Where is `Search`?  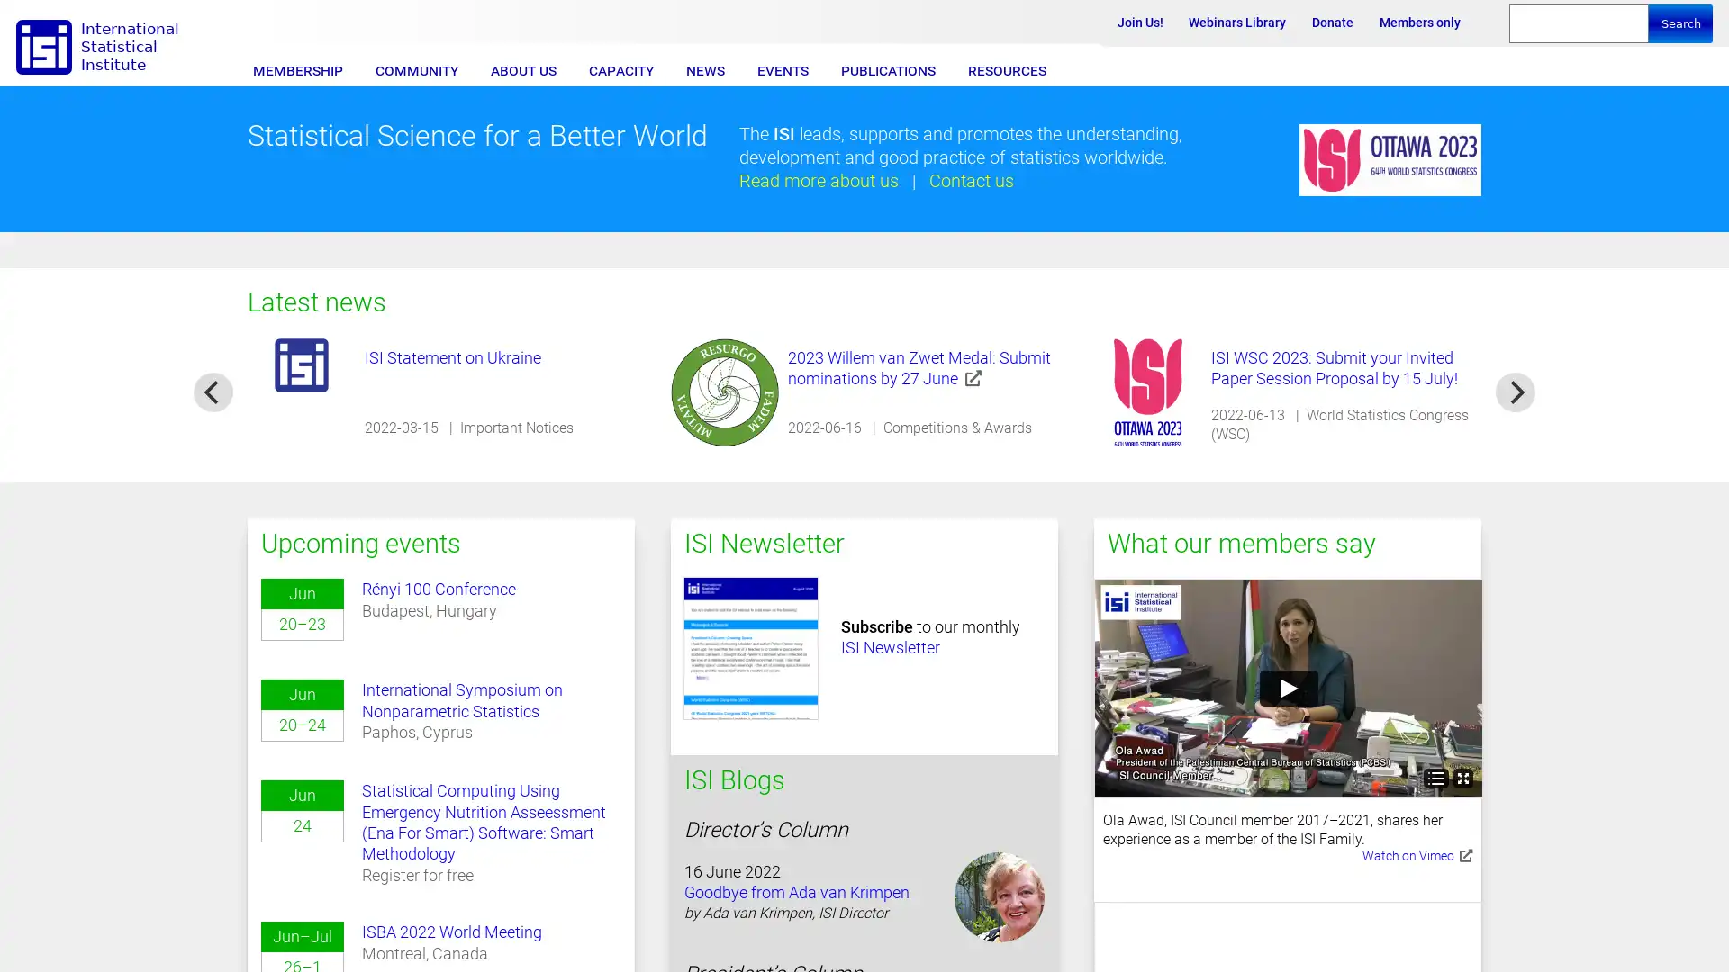
Search is located at coordinates (1679, 23).